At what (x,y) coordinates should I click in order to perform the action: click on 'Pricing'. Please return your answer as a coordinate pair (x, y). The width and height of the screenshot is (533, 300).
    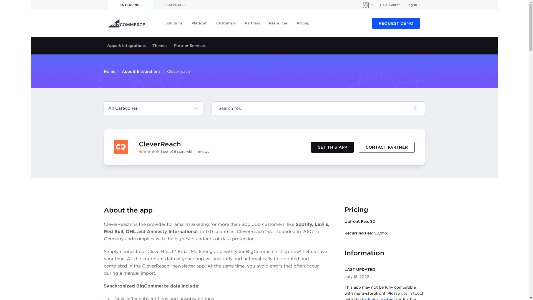
    Looking at the image, I should click on (303, 23).